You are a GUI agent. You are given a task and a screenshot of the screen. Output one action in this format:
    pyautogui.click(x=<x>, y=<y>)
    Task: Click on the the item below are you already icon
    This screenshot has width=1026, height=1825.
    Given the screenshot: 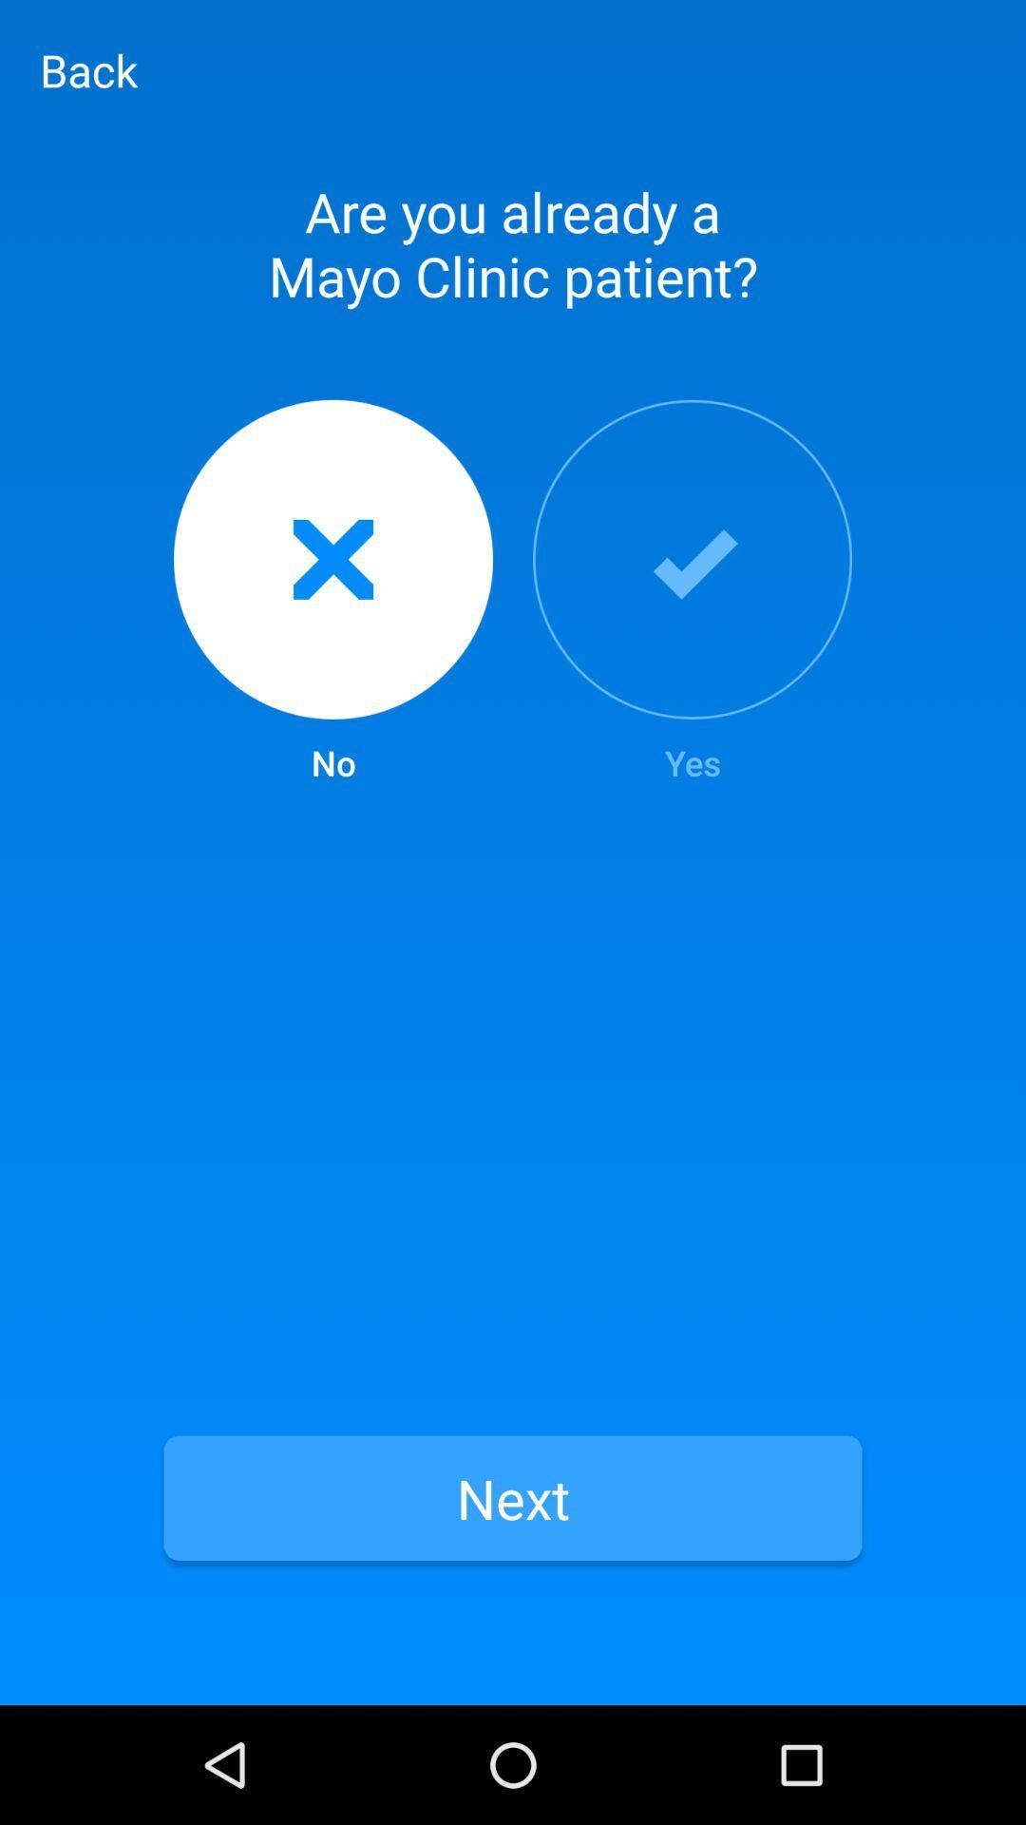 What is the action you would take?
    pyautogui.click(x=693, y=592)
    